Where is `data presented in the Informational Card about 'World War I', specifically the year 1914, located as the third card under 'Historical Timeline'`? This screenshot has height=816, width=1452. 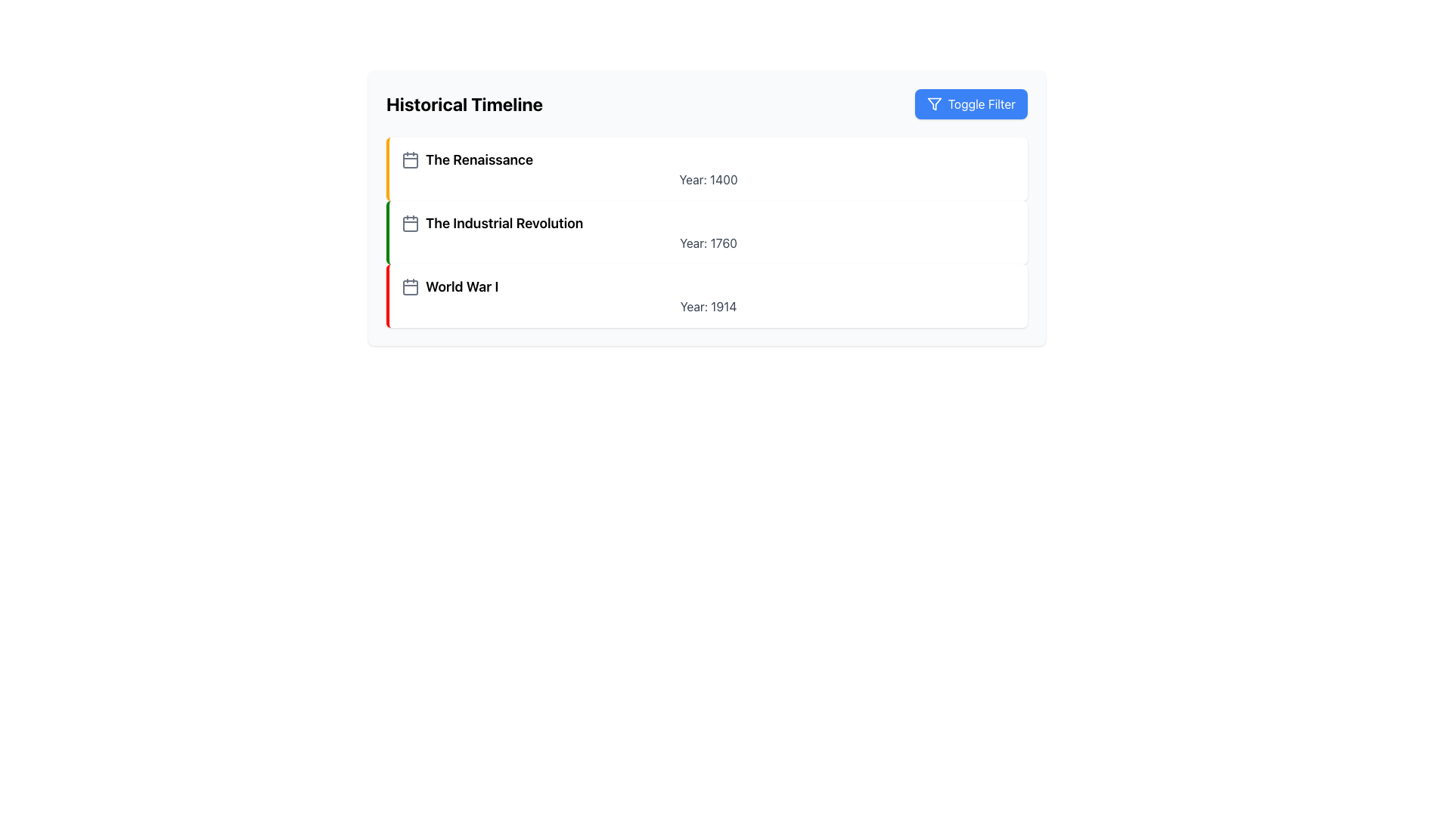
data presented in the Informational Card about 'World War I', specifically the year 1914, located as the third card under 'Historical Timeline' is located at coordinates (706, 296).